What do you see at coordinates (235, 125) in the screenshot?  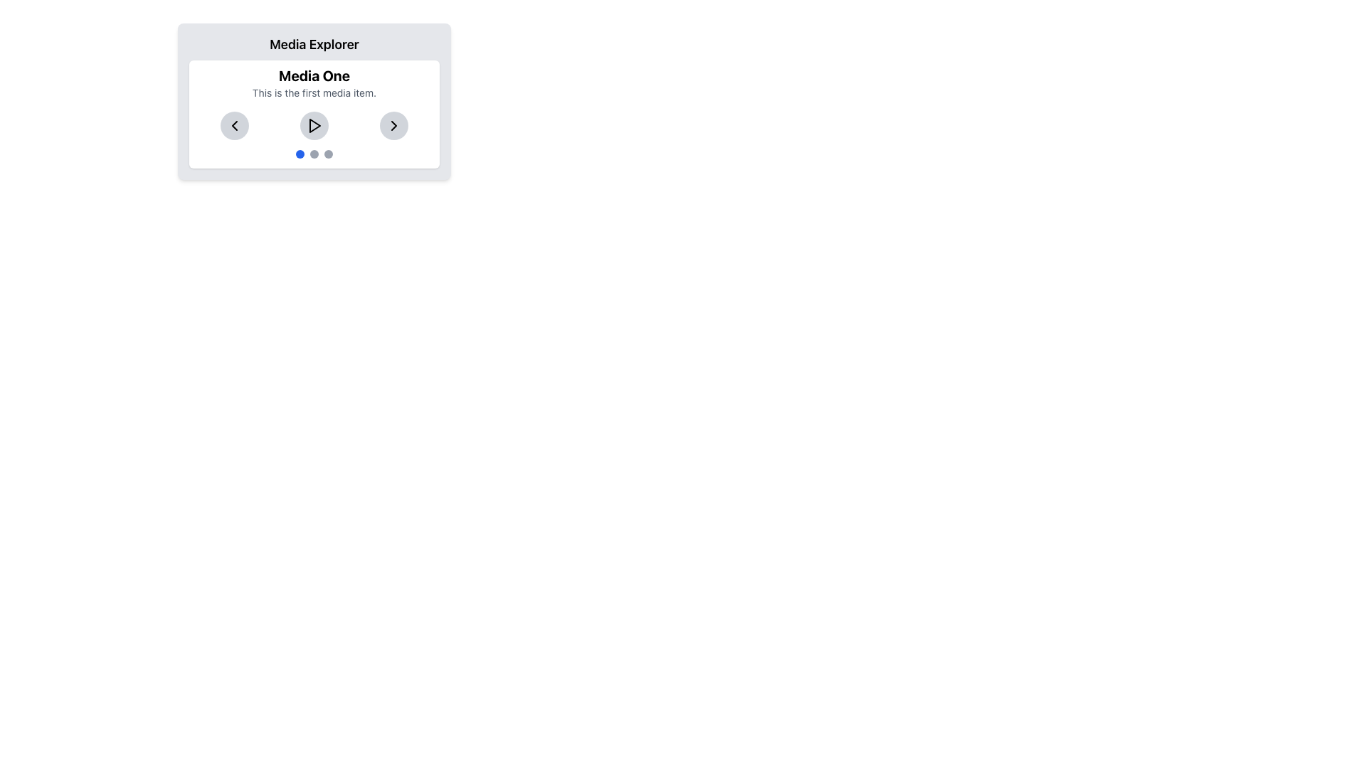 I see `the left circular button icon located at the lower half of the interface` at bounding box center [235, 125].